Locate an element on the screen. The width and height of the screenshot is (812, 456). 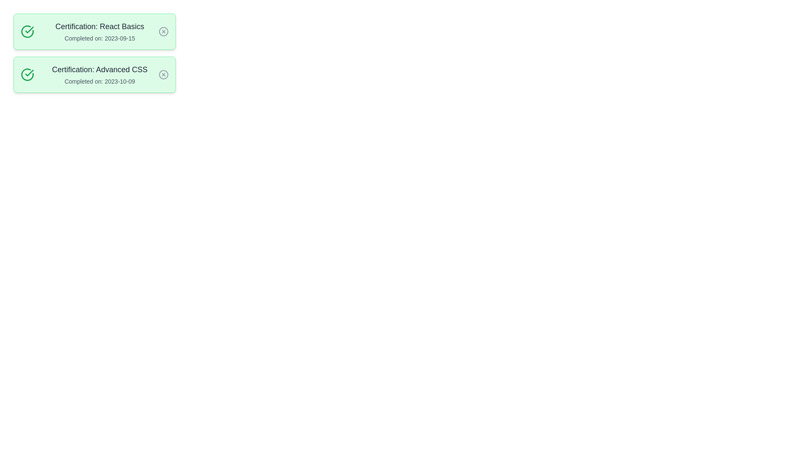
the details of the completed course titled 'React Basics' is located at coordinates (99, 31).